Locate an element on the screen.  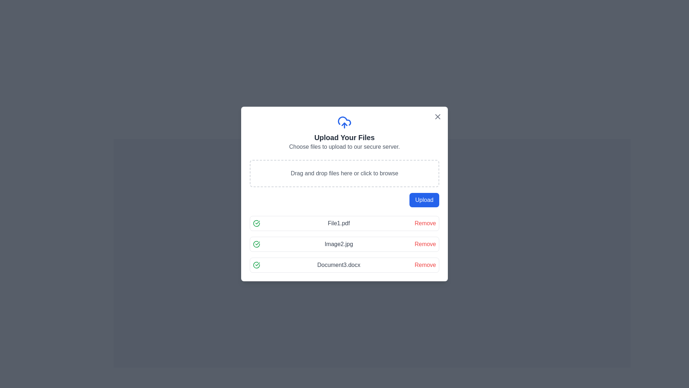
the drag-and-drop file upload area that is styled with a dashed border and contains the text 'Drag and drop files here or click to browse', located in the center of the modal below the heading 'Upload Your Files' is located at coordinates (344, 173).